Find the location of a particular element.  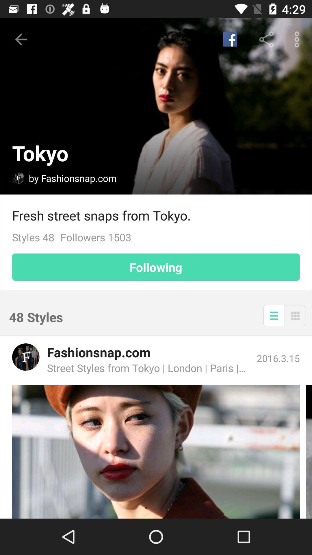

related style is located at coordinates (156, 452).